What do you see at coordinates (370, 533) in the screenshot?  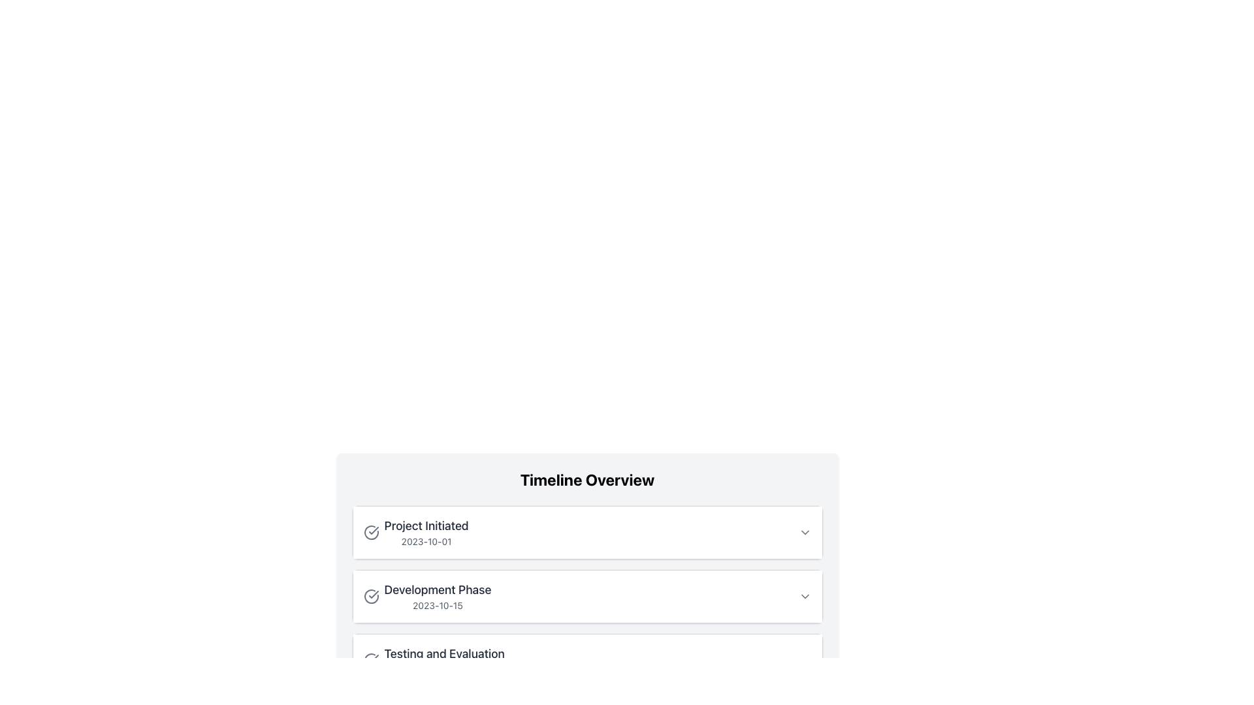 I see `the leftmost circular outline of the SVG graphical element within the timeline entry labeled 'Project Initiated' dated '2023-10-01'` at bounding box center [370, 533].